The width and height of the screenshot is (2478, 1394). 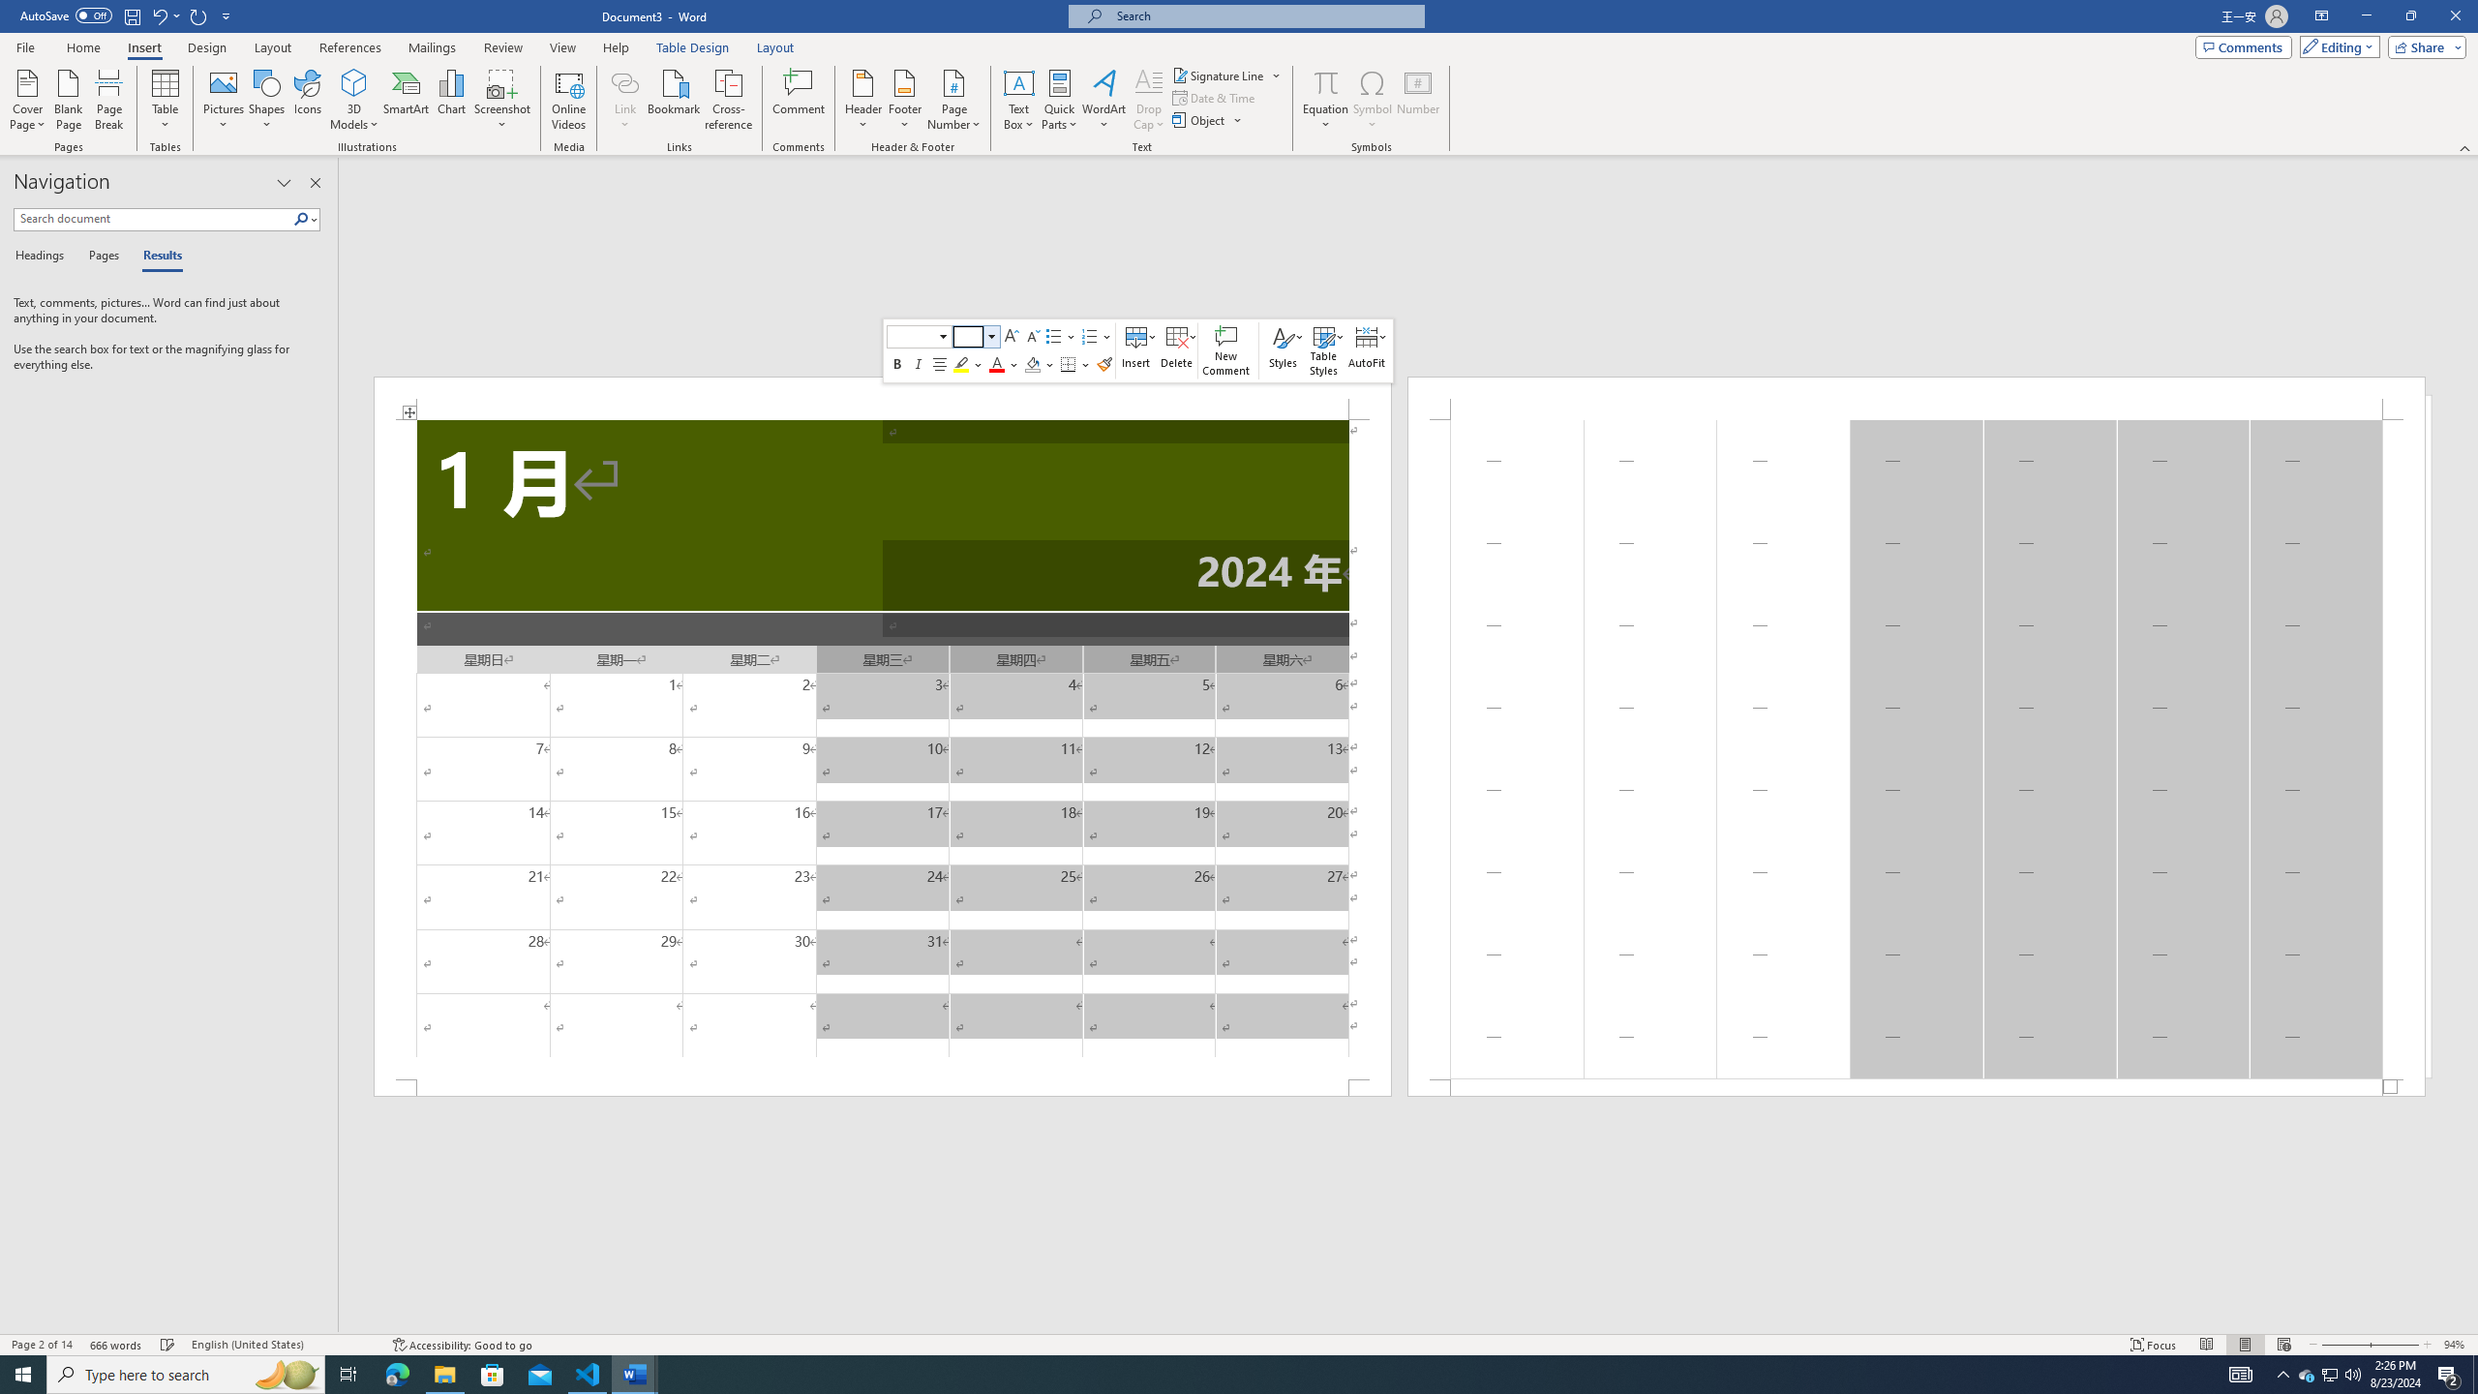 What do you see at coordinates (41, 1345) in the screenshot?
I see `'Page Number Page 2 of 14'` at bounding box center [41, 1345].